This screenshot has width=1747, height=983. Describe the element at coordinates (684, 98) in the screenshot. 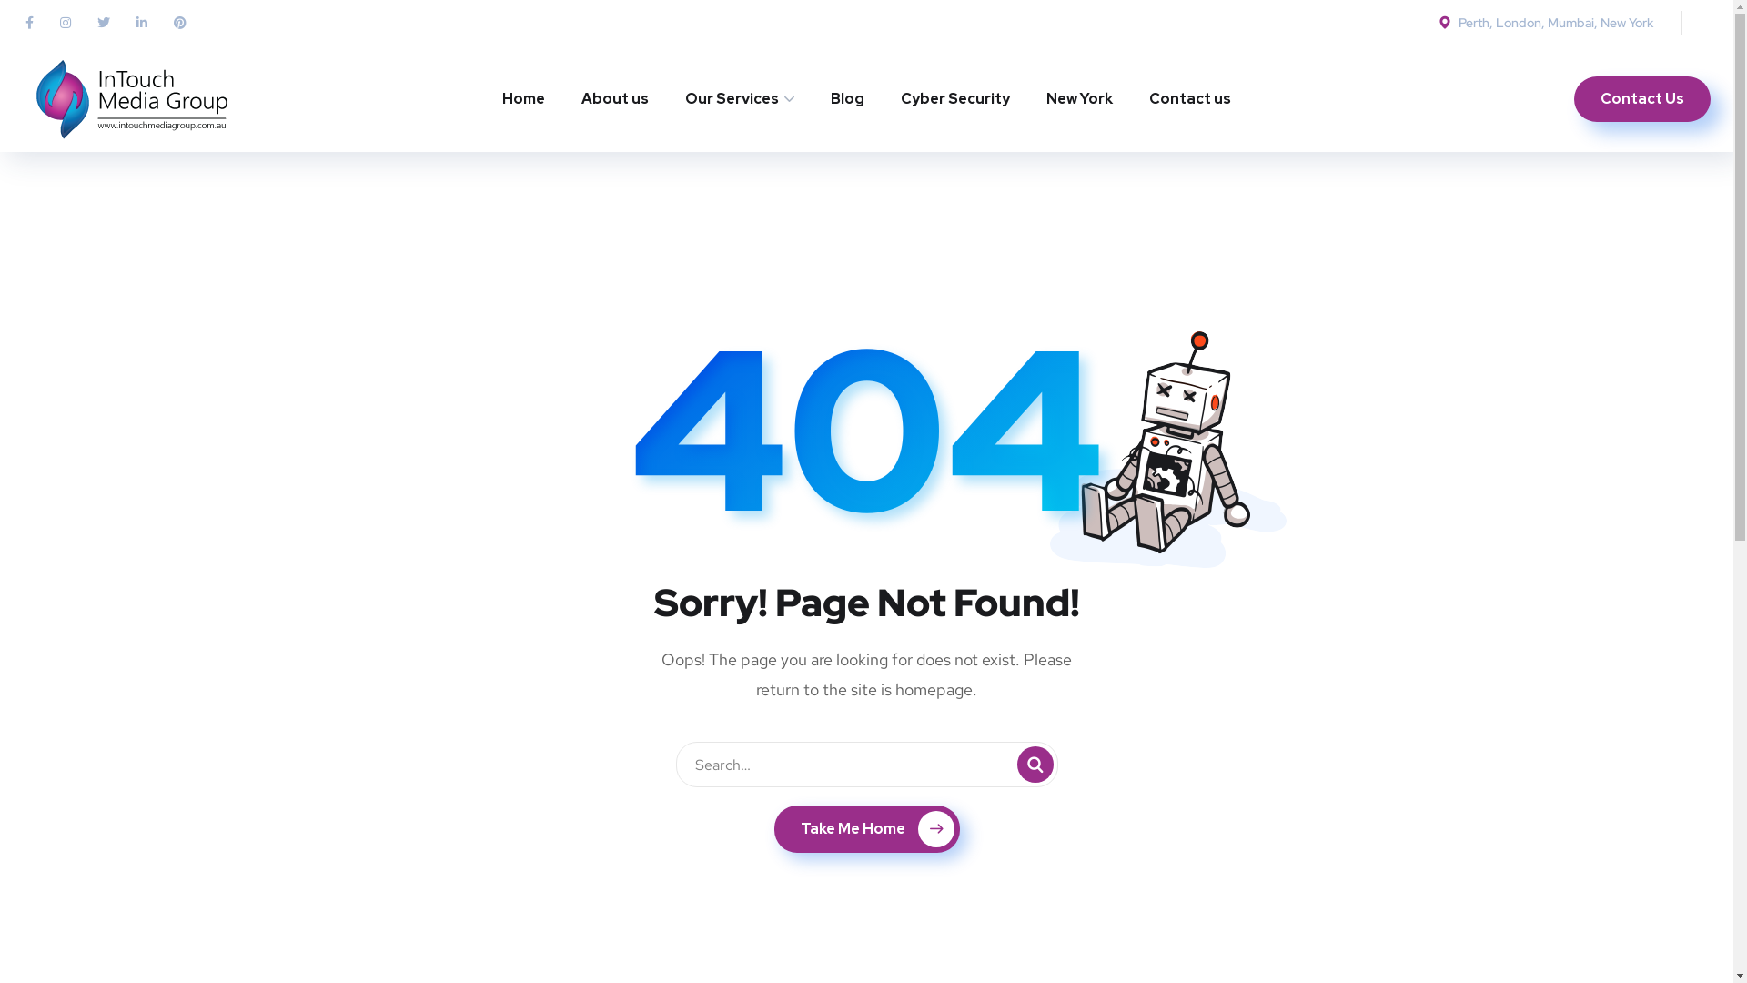

I see `'Our Services'` at that location.